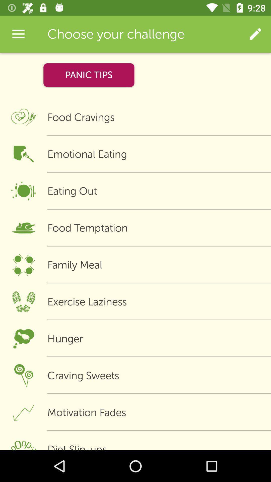 Image resolution: width=271 pixels, height=482 pixels. Describe the element at coordinates (89, 75) in the screenshot. I see `the item below choose your challenge item` at that location.